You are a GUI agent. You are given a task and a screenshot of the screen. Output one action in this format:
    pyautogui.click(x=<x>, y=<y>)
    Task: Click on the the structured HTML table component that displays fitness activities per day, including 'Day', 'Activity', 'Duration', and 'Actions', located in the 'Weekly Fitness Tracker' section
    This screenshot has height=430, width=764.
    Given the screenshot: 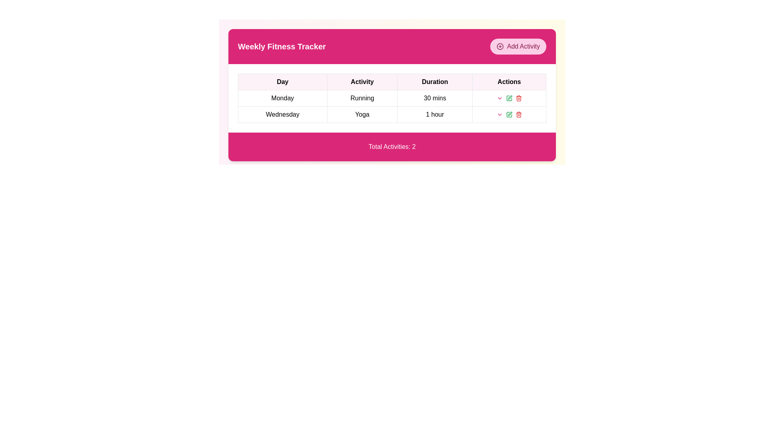 What is the action you would take?
    pyautogui.click(x=392, y=98)
    